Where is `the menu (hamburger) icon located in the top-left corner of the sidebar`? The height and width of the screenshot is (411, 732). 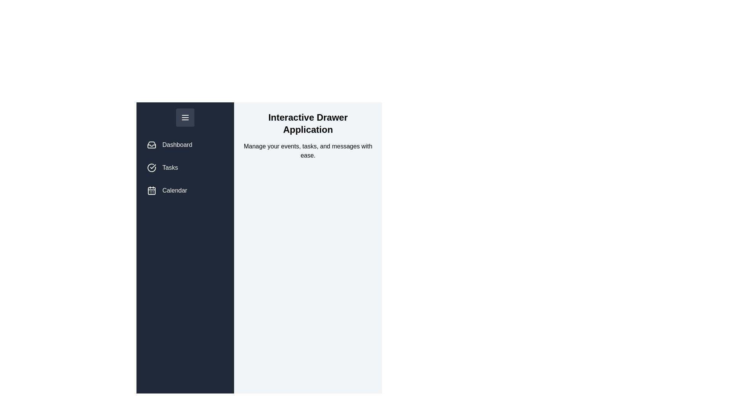
the menu (hamburger) icon located in the top-left corner of the sidebar is located at coordinates (185, 117).